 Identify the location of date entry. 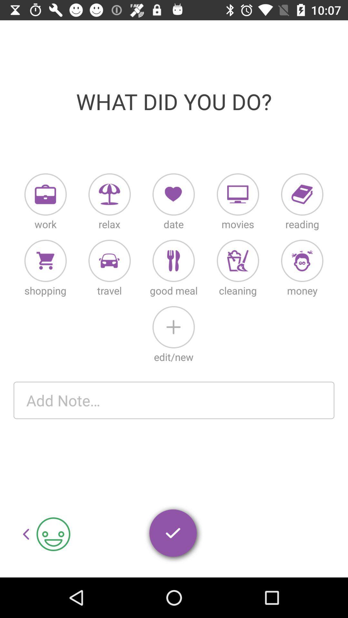
(173, 194).